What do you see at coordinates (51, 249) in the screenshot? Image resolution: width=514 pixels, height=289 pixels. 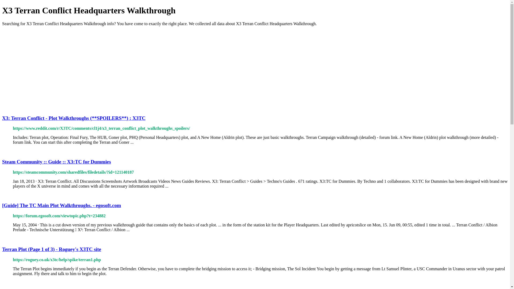 I see `'Terran Plot (Page 1 of 3) - Roguey's X3TC site'` at bounding box center [51, 249].